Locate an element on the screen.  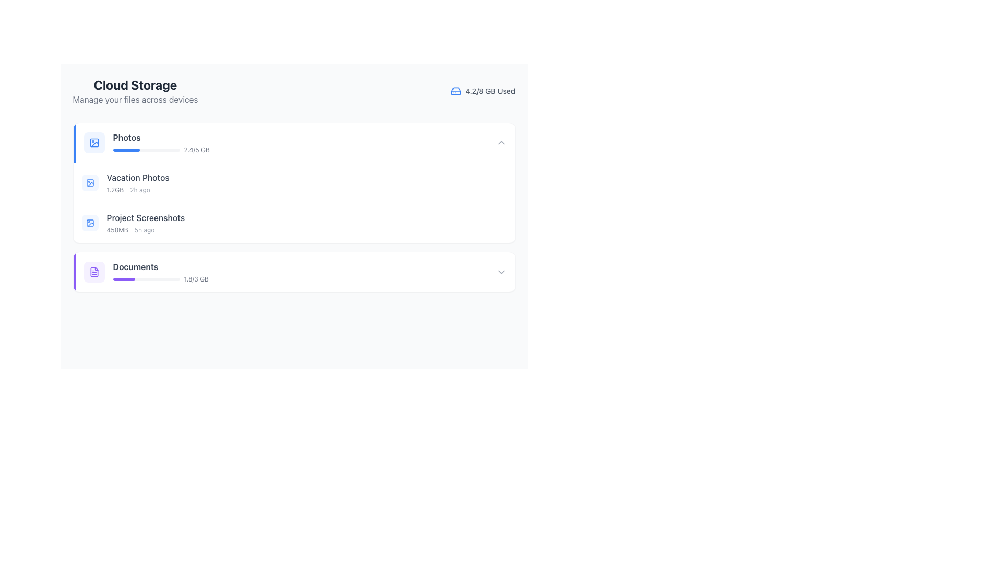
the Text label displaying '450MB' and '5h ago' beneath the title 'Project Screenshots' is located at coordinates (145, 230).